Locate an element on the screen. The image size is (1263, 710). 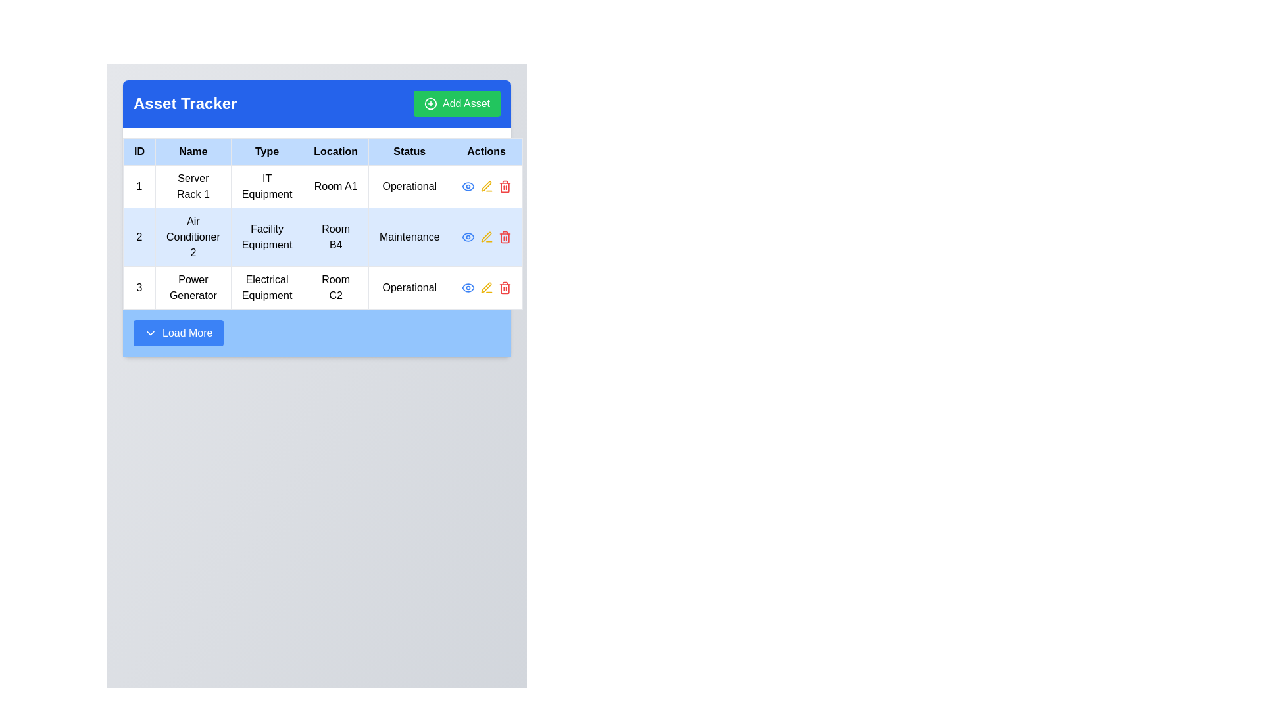
the rectangular green button with rounded corners that has white text reading 'Add Asset' and a circular icon with a plus symbol on its left side, located in the top-right corner of the 'Asset Tracker' header is located at coordinates (457, 103).